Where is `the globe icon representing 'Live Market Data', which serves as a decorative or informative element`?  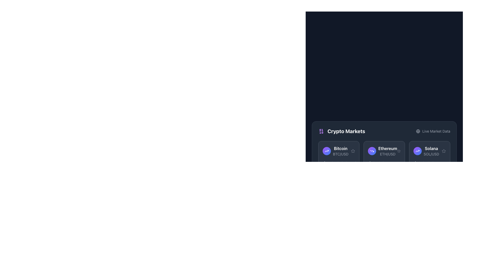 the globe icon representing 'Live Market Data', which serves as a decorative or informative element is located at coordinates (418, 131).